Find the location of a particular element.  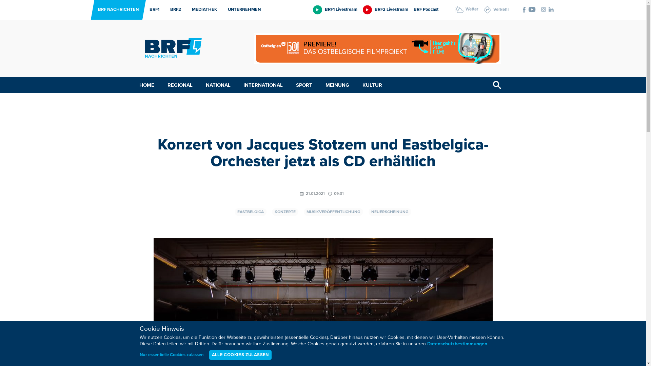

'BRF NACHRICHTEN' is located at coordinates (116, 10).